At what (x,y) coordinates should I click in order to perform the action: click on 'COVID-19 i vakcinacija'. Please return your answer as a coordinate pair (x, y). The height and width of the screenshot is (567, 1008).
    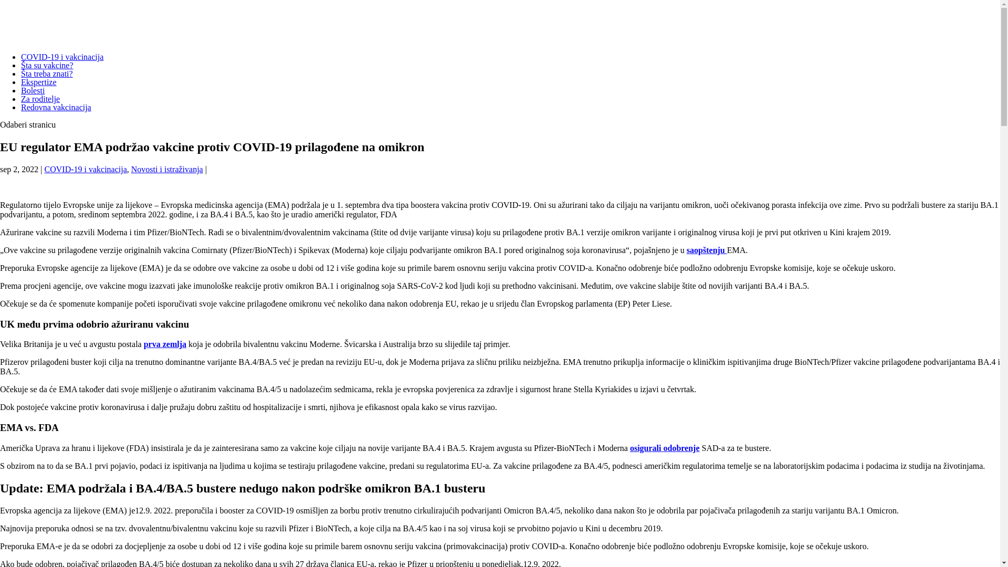
    Looking at the image, I should click on (86, 169).